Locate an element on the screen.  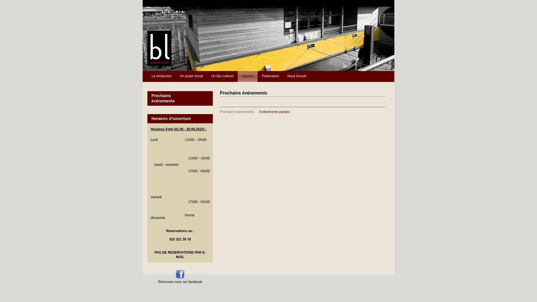
'Agenda' is located at coordinates (247, 76).